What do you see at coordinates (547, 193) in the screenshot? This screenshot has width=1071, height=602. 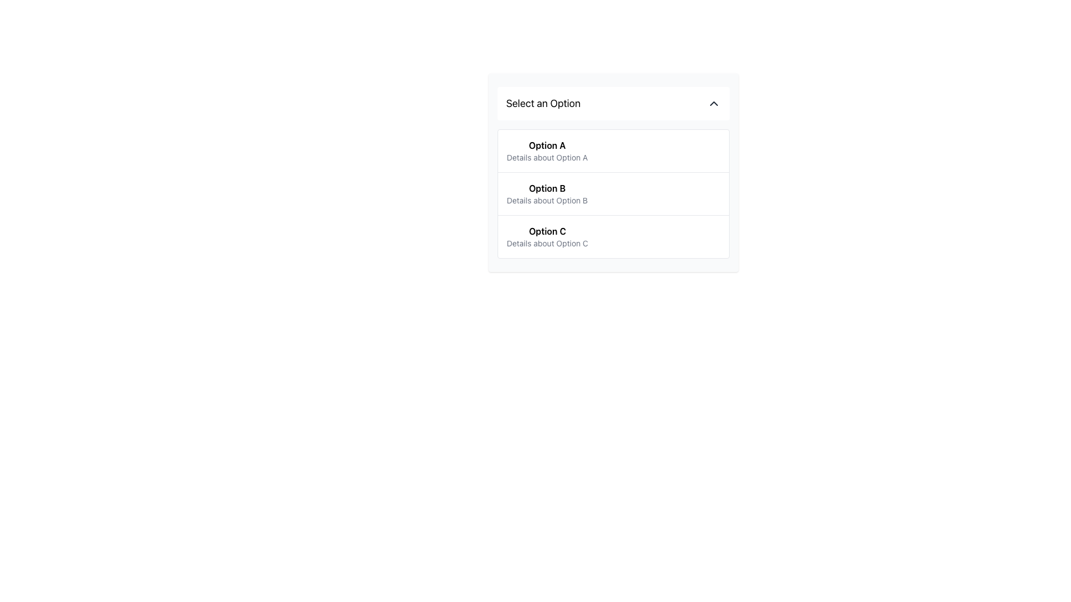 I see `the second item in the dropdown menu labeled 'Option B'` at bounding box center [547, 193].